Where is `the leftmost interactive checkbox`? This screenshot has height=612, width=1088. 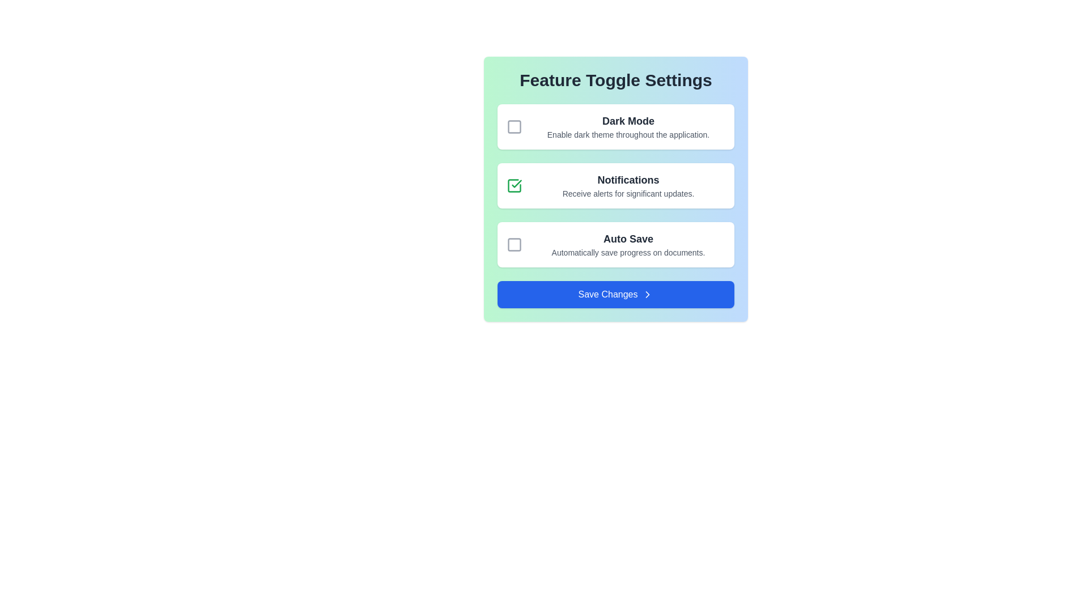
the leftmost interactive checkbox is located at coordinates (513, 126).